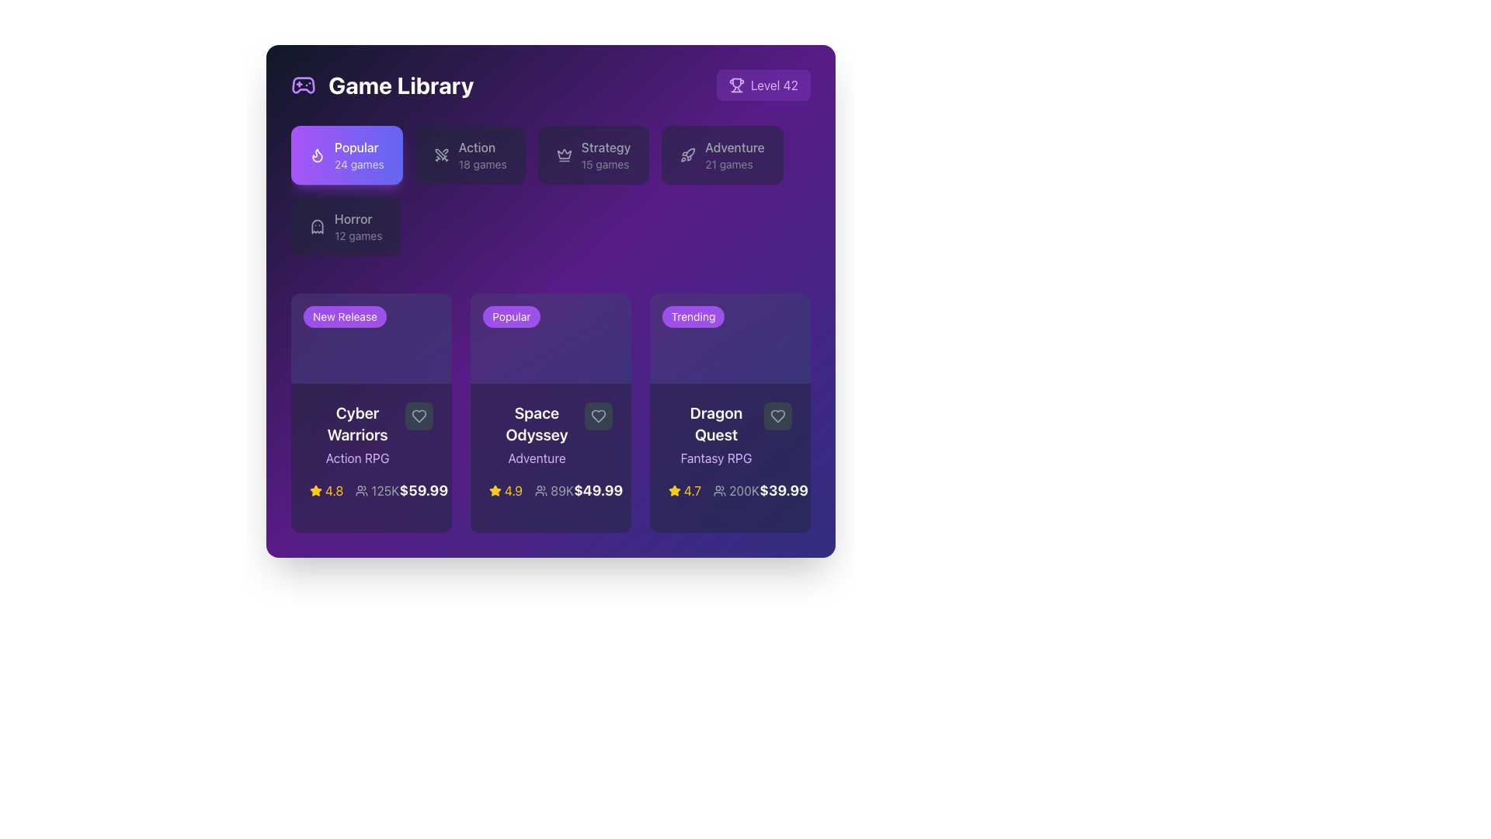  I want to click on the yellow star-shaped icon representing a rating, located next to the numeric value 4.8 in the bottom-left area of the 'Cyber Warriors' card, so click(315, 491).